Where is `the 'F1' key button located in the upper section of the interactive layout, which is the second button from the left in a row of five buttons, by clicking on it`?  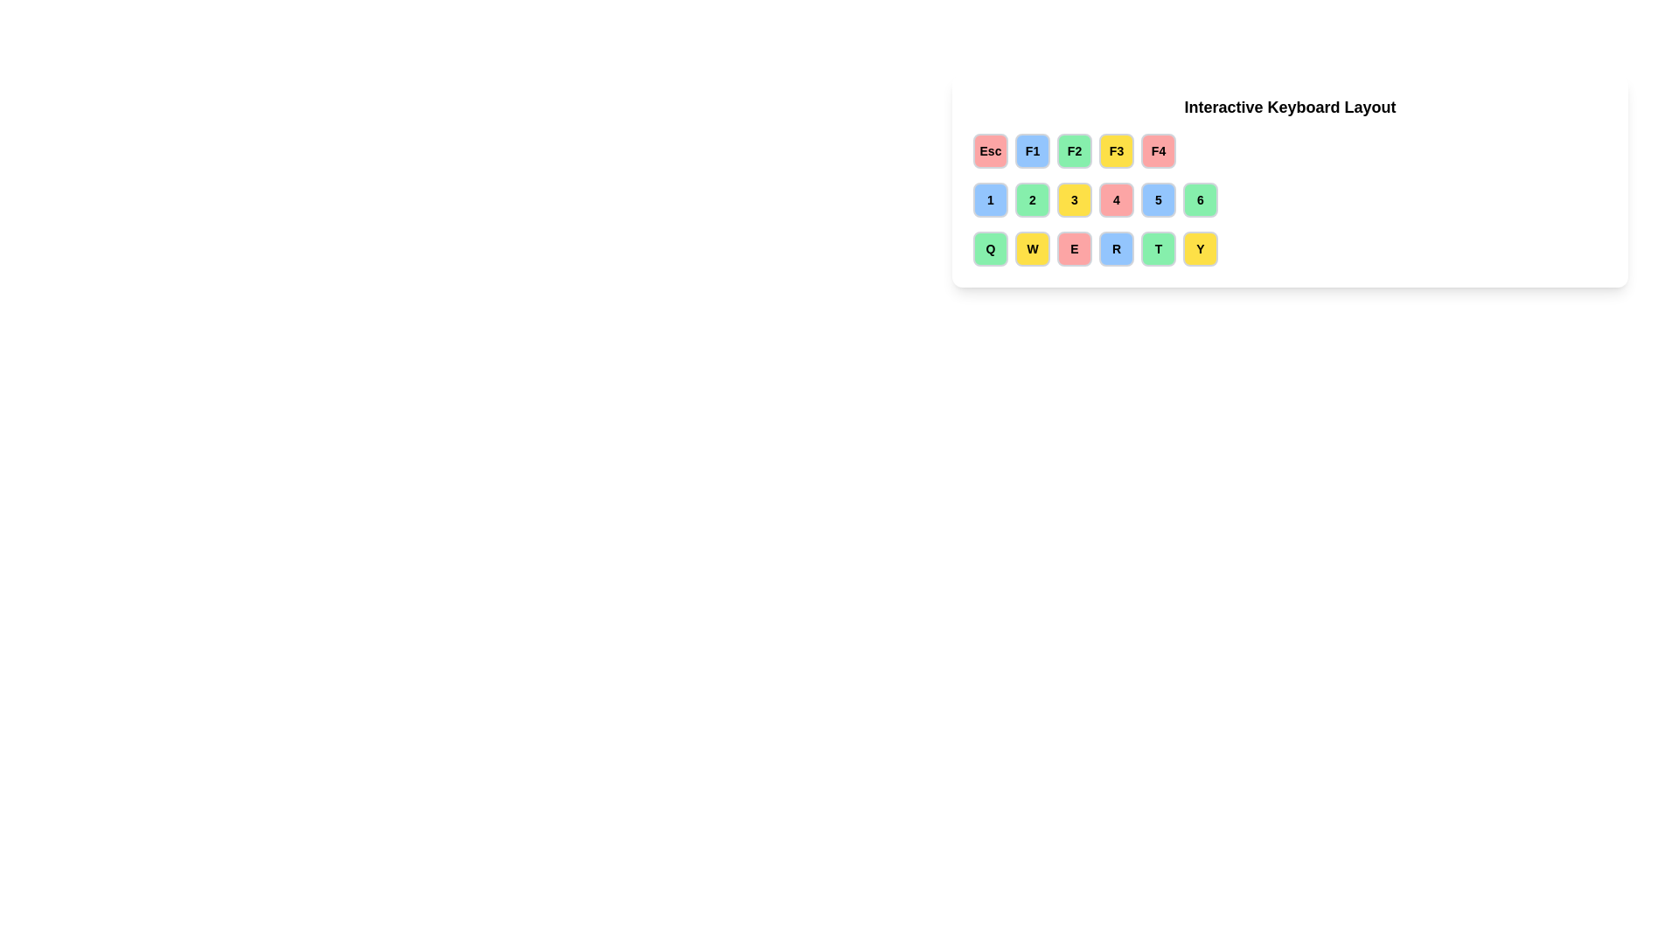 the 'F1' key button located in the upper section of the interactive layout, which is the second button from the left in a row of five buttons, by clicking on it is located at coordinates (1032, 150).